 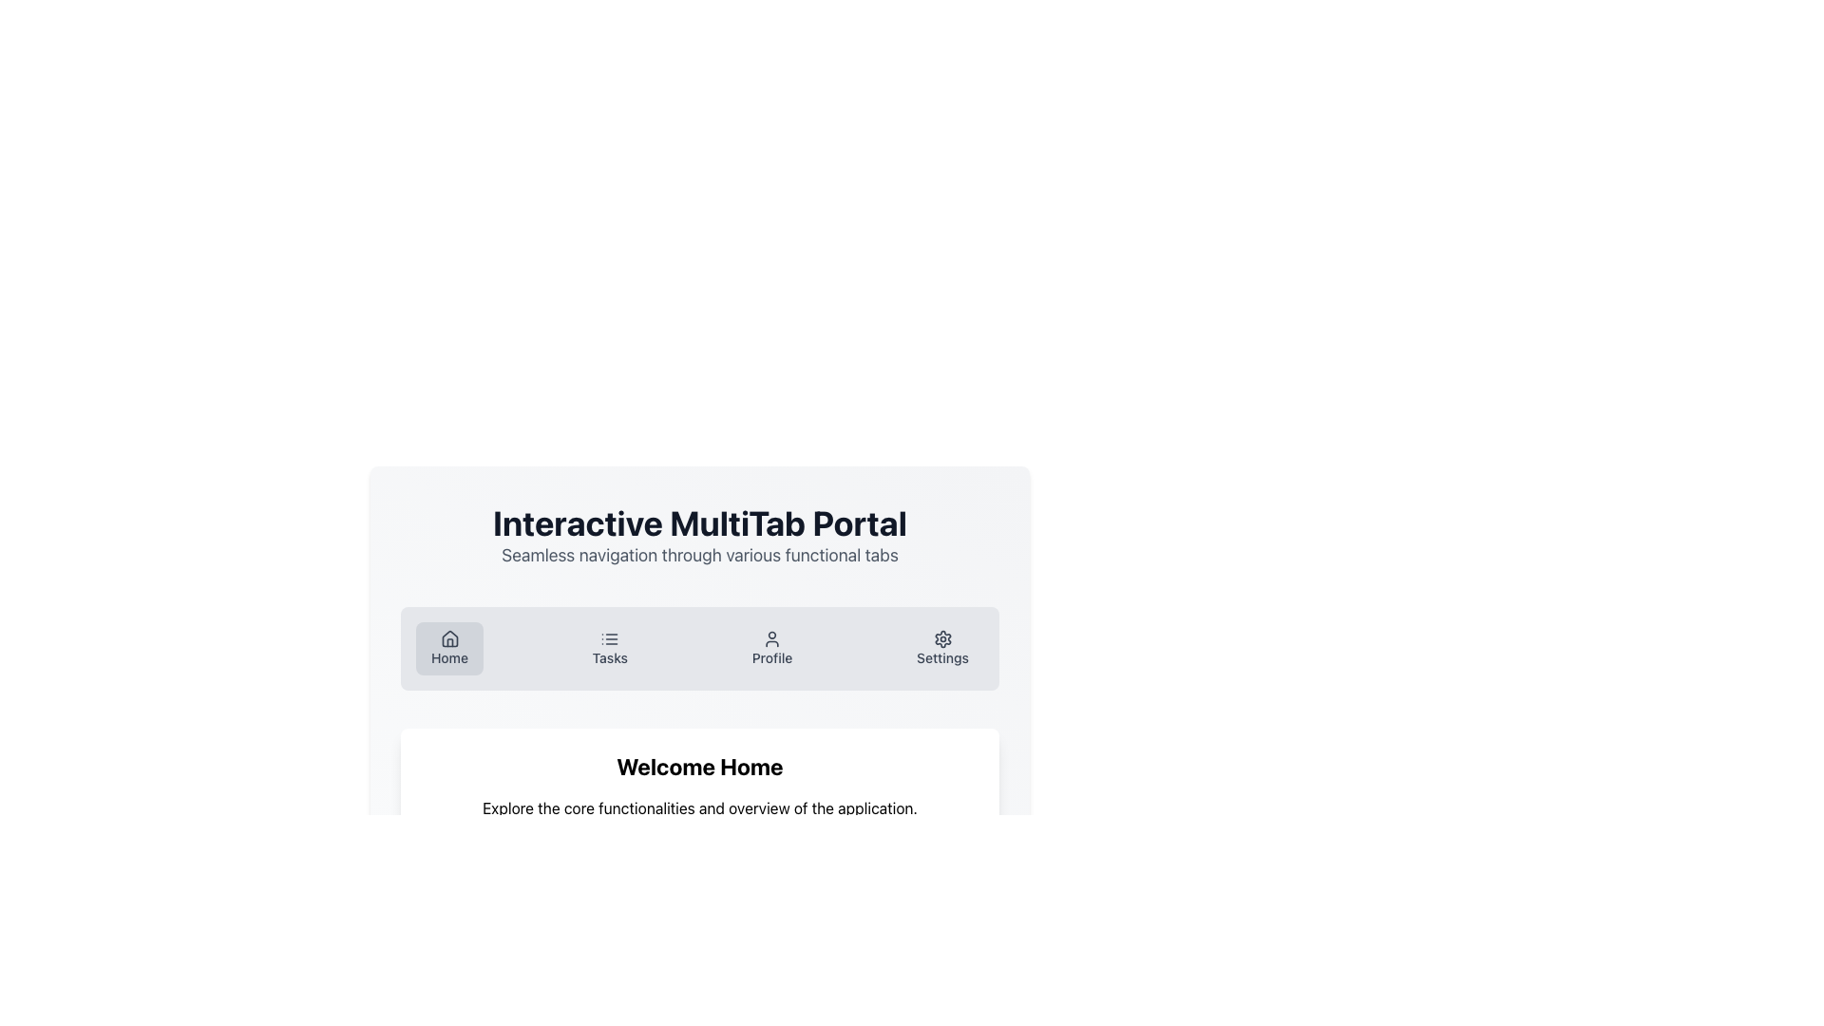 I want to click on the 'Tasks' navigation button located, so click(x=610, y=647).